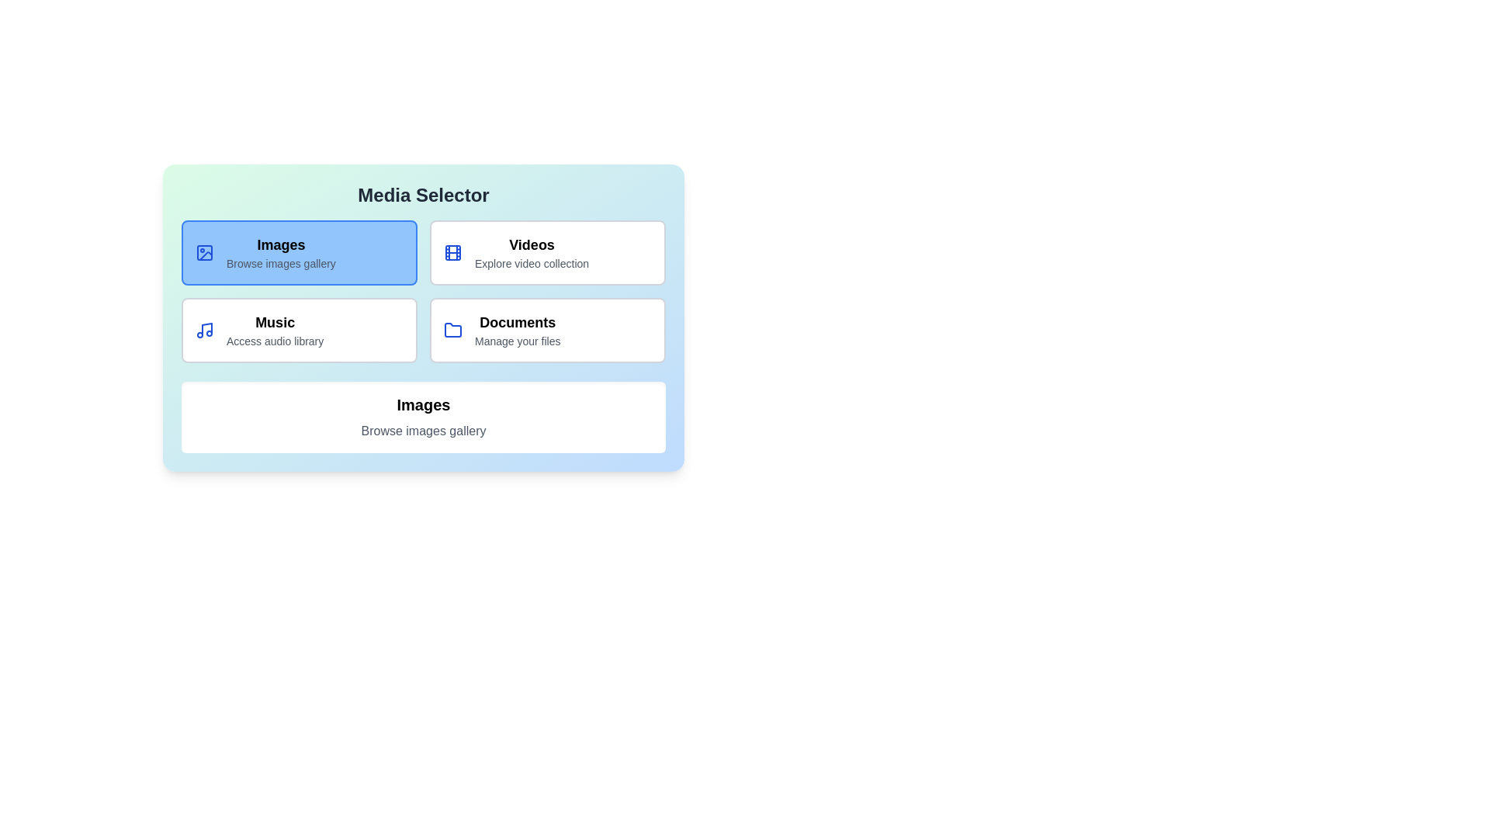 The height and width of the screenshot is (838, 1490). What do you see at coordinates (547, 329) in the screenshot?
I see `the media card corresponding to Documents` at bounding box center [547, 329].